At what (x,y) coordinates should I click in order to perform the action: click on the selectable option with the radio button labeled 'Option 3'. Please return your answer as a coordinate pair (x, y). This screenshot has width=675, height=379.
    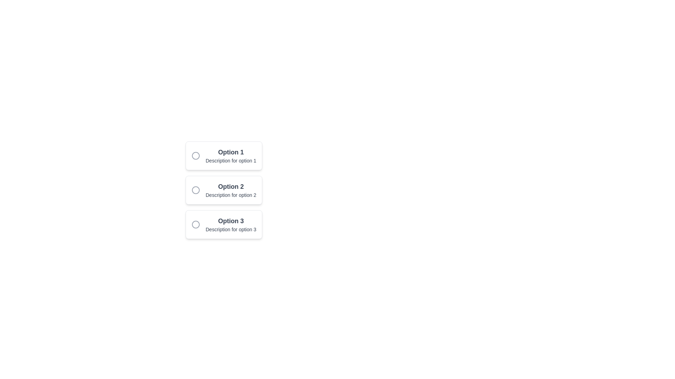
    Looking at the image, I should click on (224, 225).